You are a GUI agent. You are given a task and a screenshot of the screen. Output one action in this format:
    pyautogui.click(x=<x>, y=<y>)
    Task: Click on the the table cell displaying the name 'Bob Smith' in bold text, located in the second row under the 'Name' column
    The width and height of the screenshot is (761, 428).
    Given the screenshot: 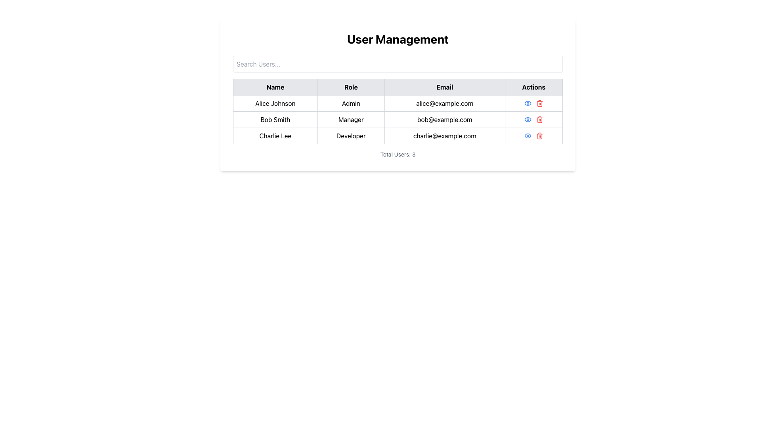 What is the action you would take?
    pyautogui.click(x=275, y=119)
    